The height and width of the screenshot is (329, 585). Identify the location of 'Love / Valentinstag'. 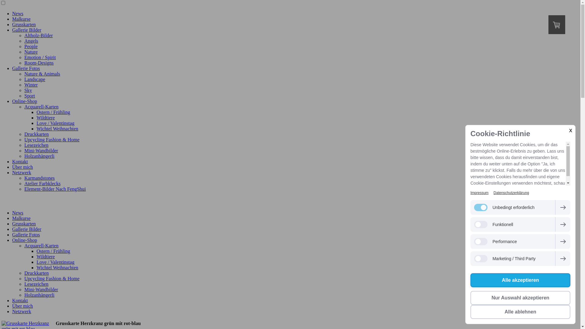
(55, 123).